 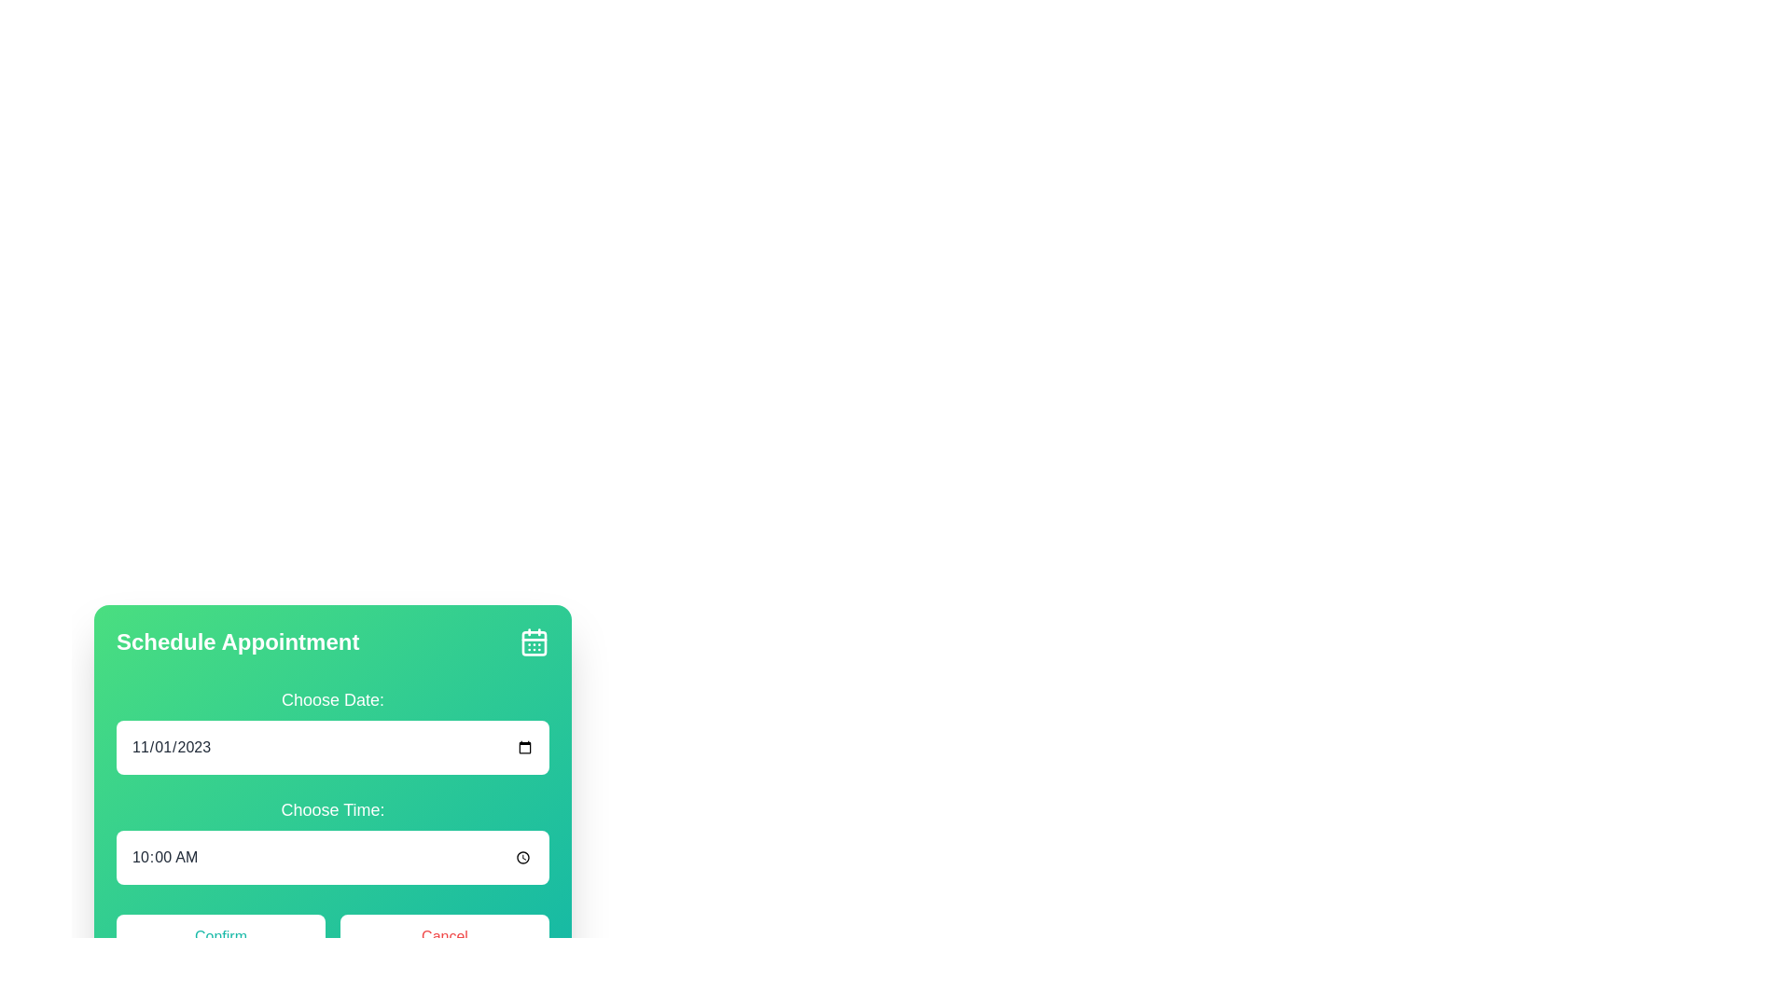 I want to click on the Header or Title Bar with a green gradient background containing the text 'Schedule Appointment' and a calendar icon on the right, so click(x=332, y=641).